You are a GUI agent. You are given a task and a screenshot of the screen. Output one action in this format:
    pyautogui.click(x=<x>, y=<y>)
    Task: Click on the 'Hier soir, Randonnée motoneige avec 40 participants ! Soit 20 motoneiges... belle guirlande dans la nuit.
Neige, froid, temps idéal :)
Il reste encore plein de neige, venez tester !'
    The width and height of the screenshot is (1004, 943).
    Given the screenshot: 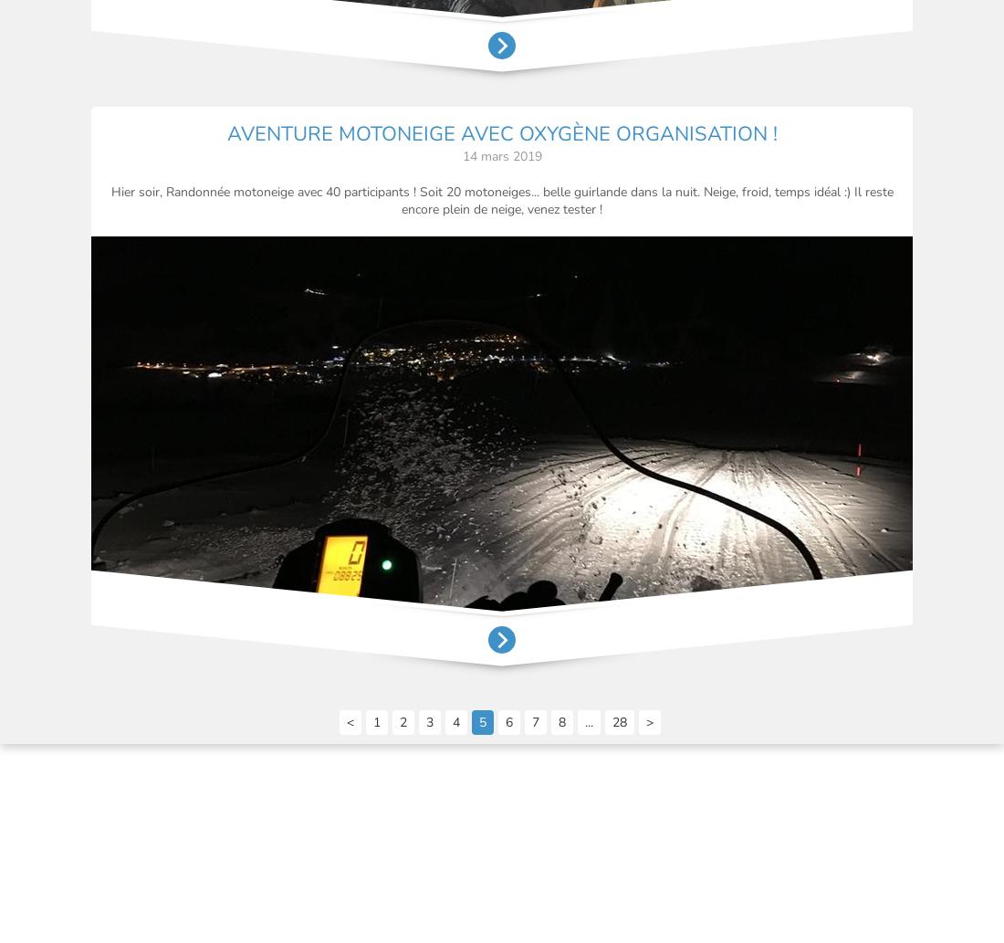 What is the action you would take?
    pyautogui.click(x=501, y=198)
    